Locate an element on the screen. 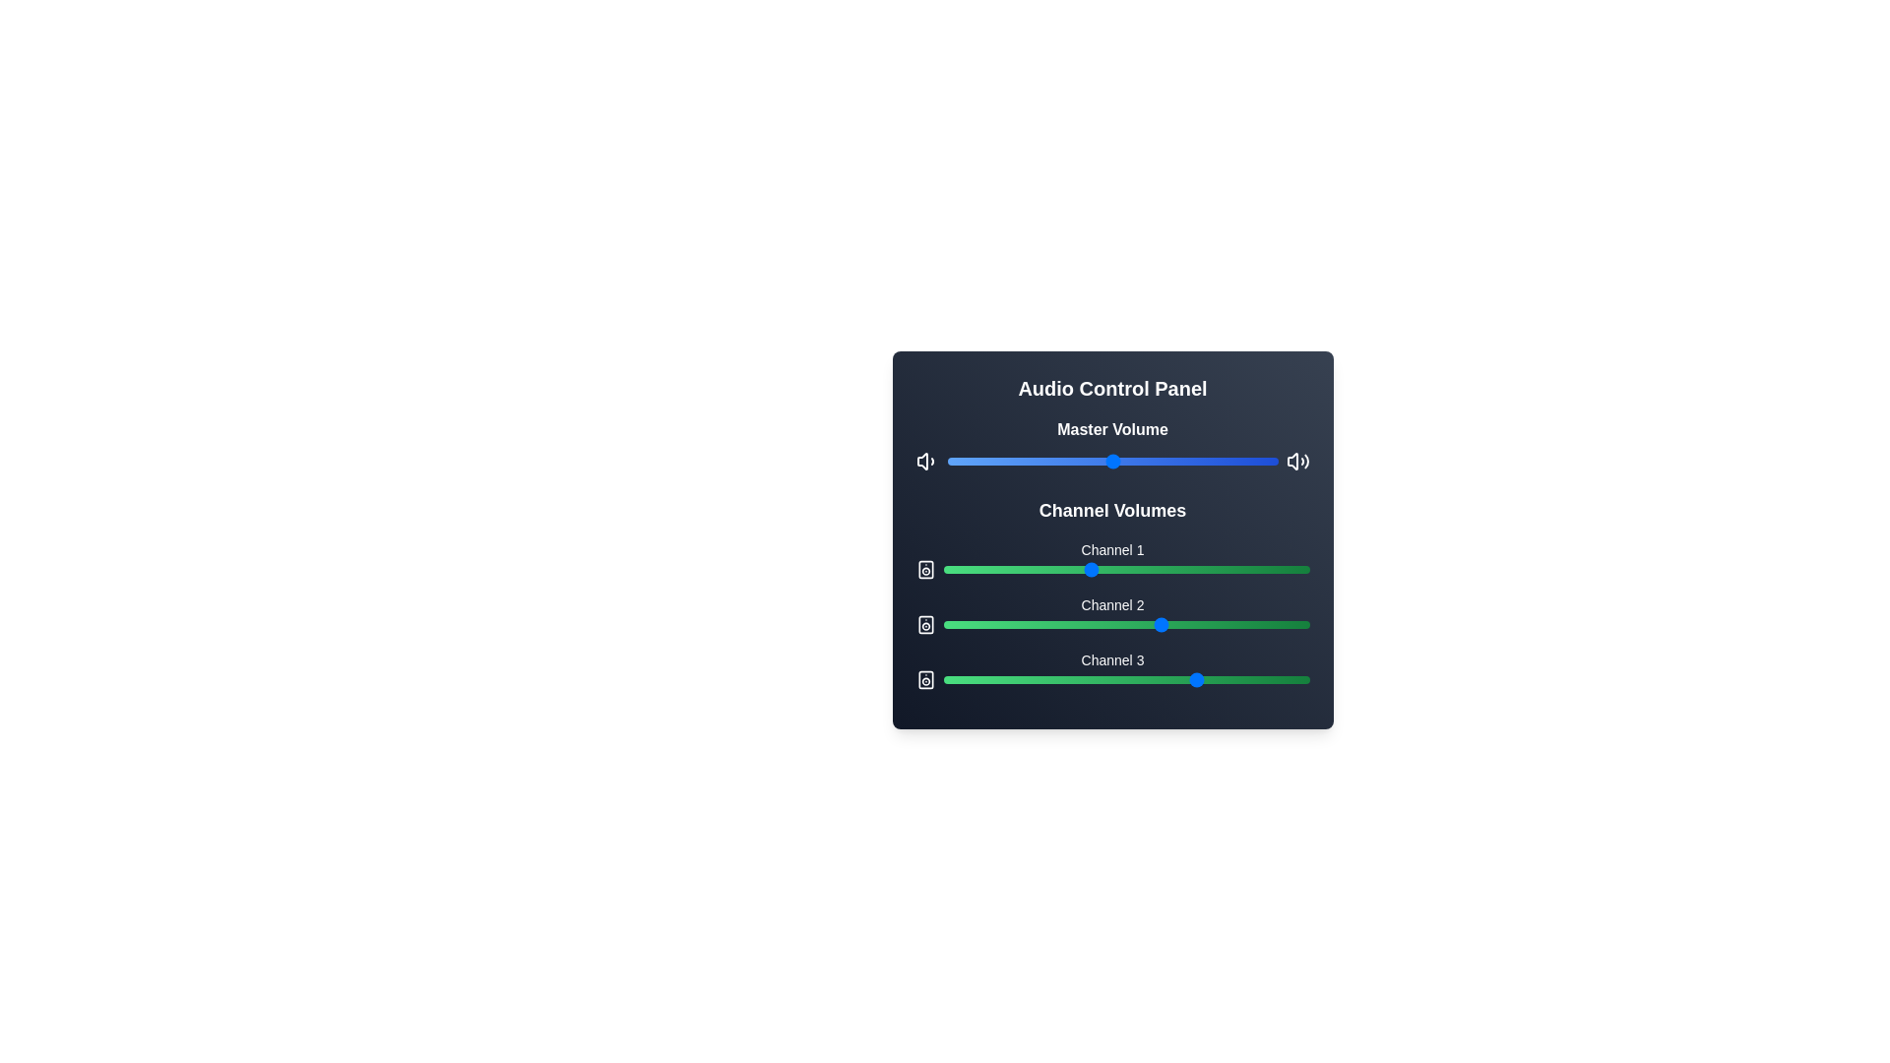 The width and height of the screenshot is (1890, 1063). the muted speaker icon located near the top-right corner of the 'Master Volume' section is located at coordinates (1292, 462).